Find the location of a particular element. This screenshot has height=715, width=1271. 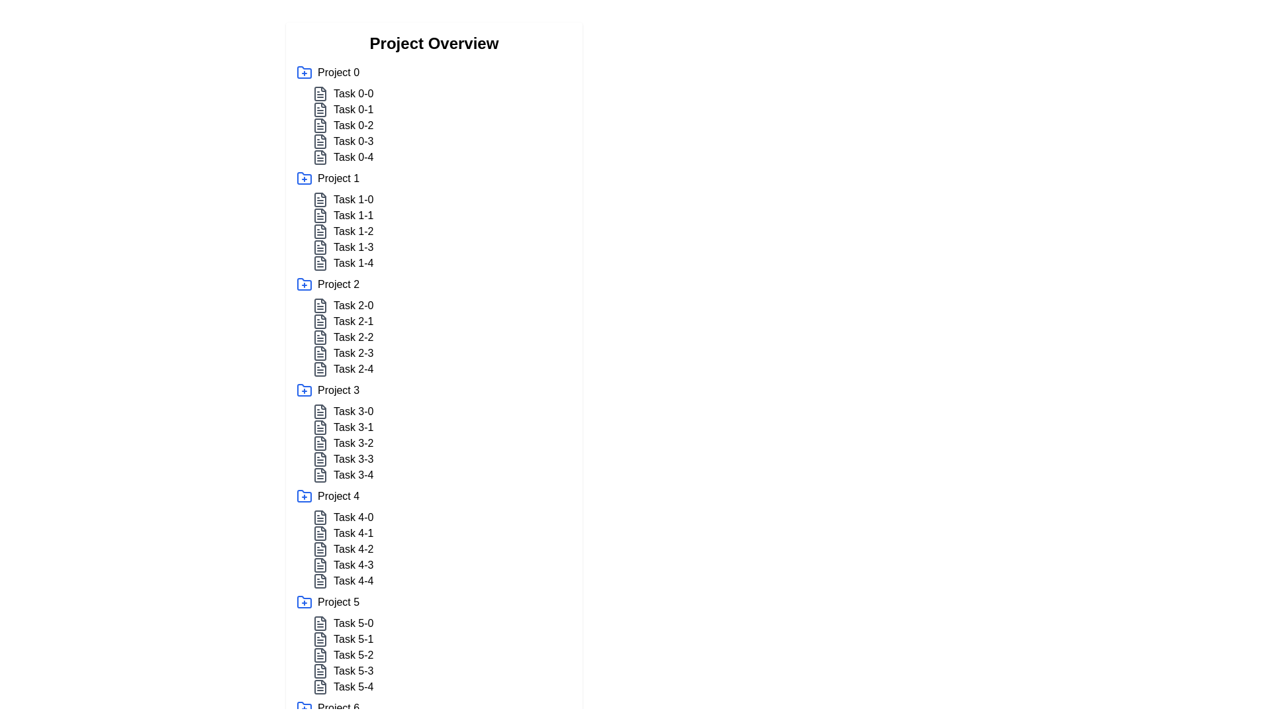

the document icon associated with the task labeled 'Task 1-4', which is the leftmost element is located at coordinates (320, 263).